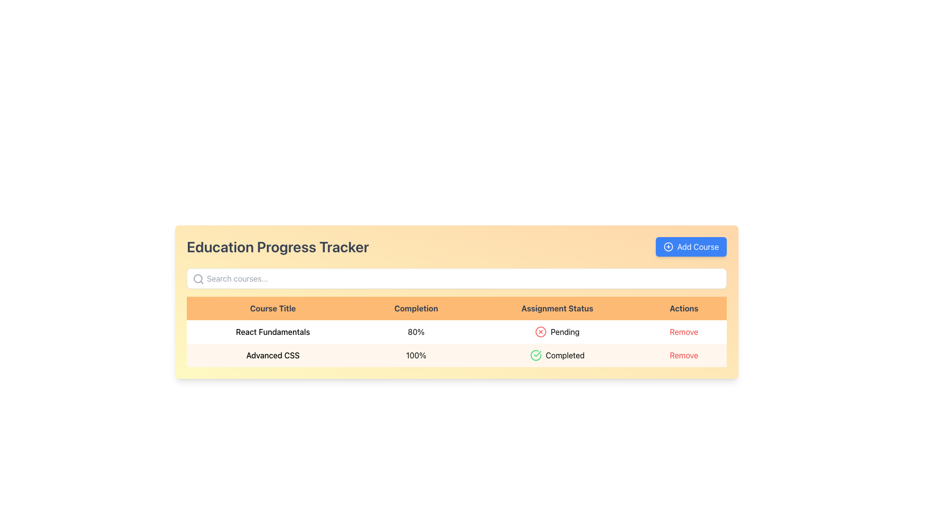  I want to click on percentage value displayed in the bold text label '100%' located in the 'Completion' column of the course titled 'Advanced CSS', so click(416, 355).